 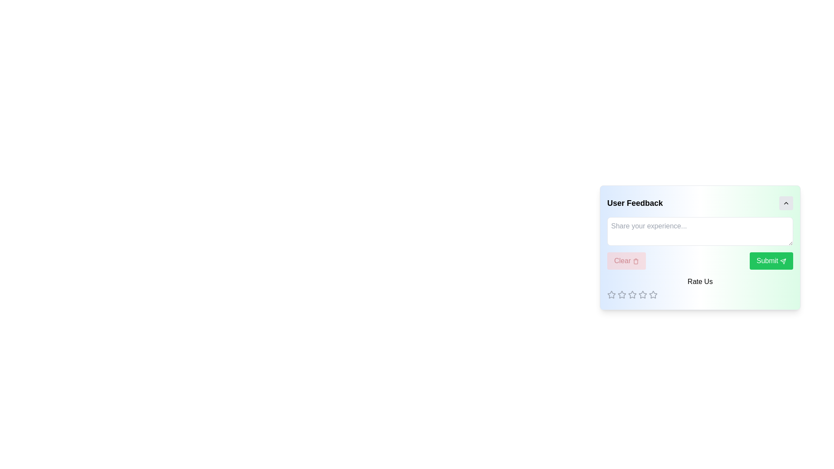 What do you see at coordinates (786, 203) in the screenshot?
I see `the chevron-up icon located in the top-right corner of the feedback interface` at bounding box center [786, 203].